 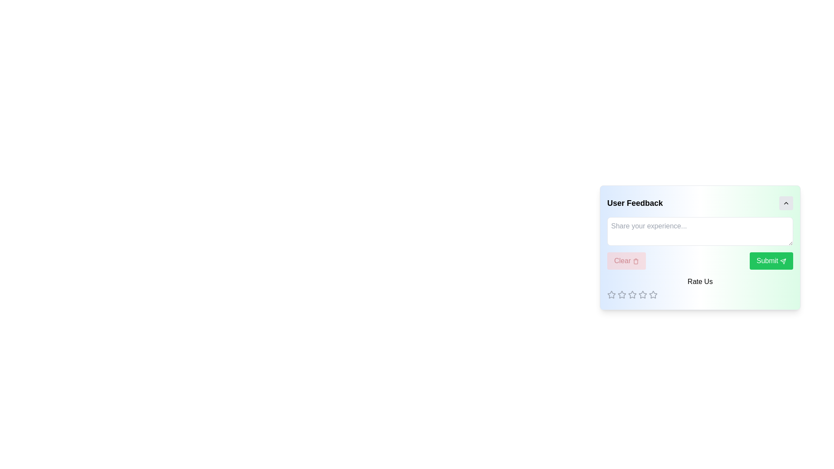 What do you see at coordinates (786, 203) in the screenshot?
I see `the chevron-up icon located in the top-right corner of the feedback interface` at bounding box center [786, 203].